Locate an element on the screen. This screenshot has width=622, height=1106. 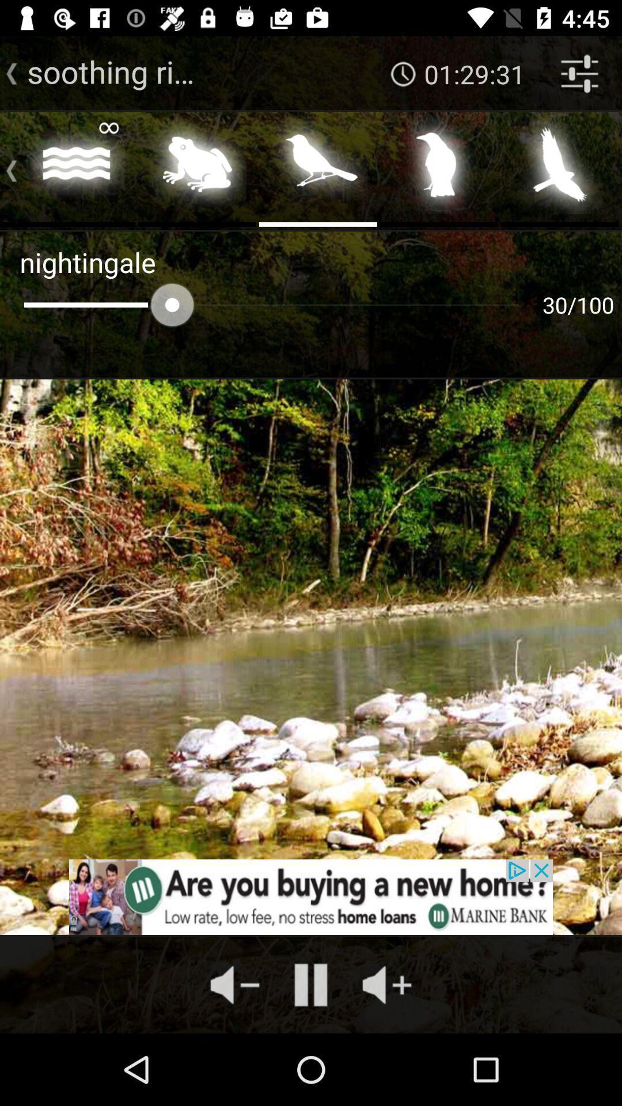
element is located at coordinates (559, 168).